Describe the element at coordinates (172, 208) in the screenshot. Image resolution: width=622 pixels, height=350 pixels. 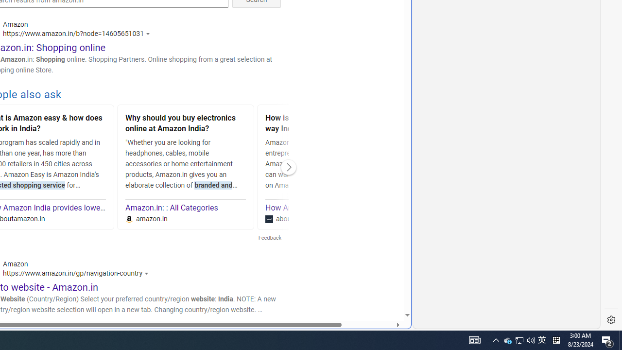
I see `'Amazon.in: : All Categories'` at that location.